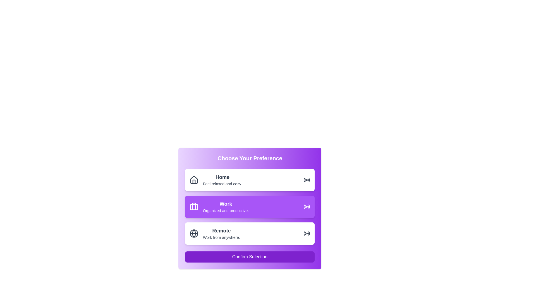 This screenshot has height=301, width=536. What do you see at coordinates (304, 180) in the screenshot?
I see `the innermost curved line of the radio wave icon indicating the 'Home' preference option located at the far right` at bounding box center [304, 180].